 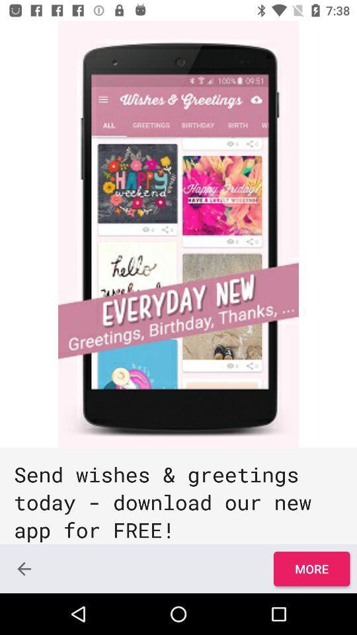 What do you see at coordinates (311, 568) in the screenshot?
I see `icon at the bottom right corner` at bounding box center [311, 568].